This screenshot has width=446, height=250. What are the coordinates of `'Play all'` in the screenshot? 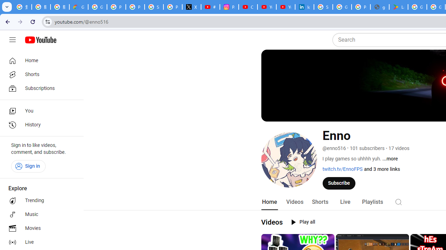 It's located at (303, 222).